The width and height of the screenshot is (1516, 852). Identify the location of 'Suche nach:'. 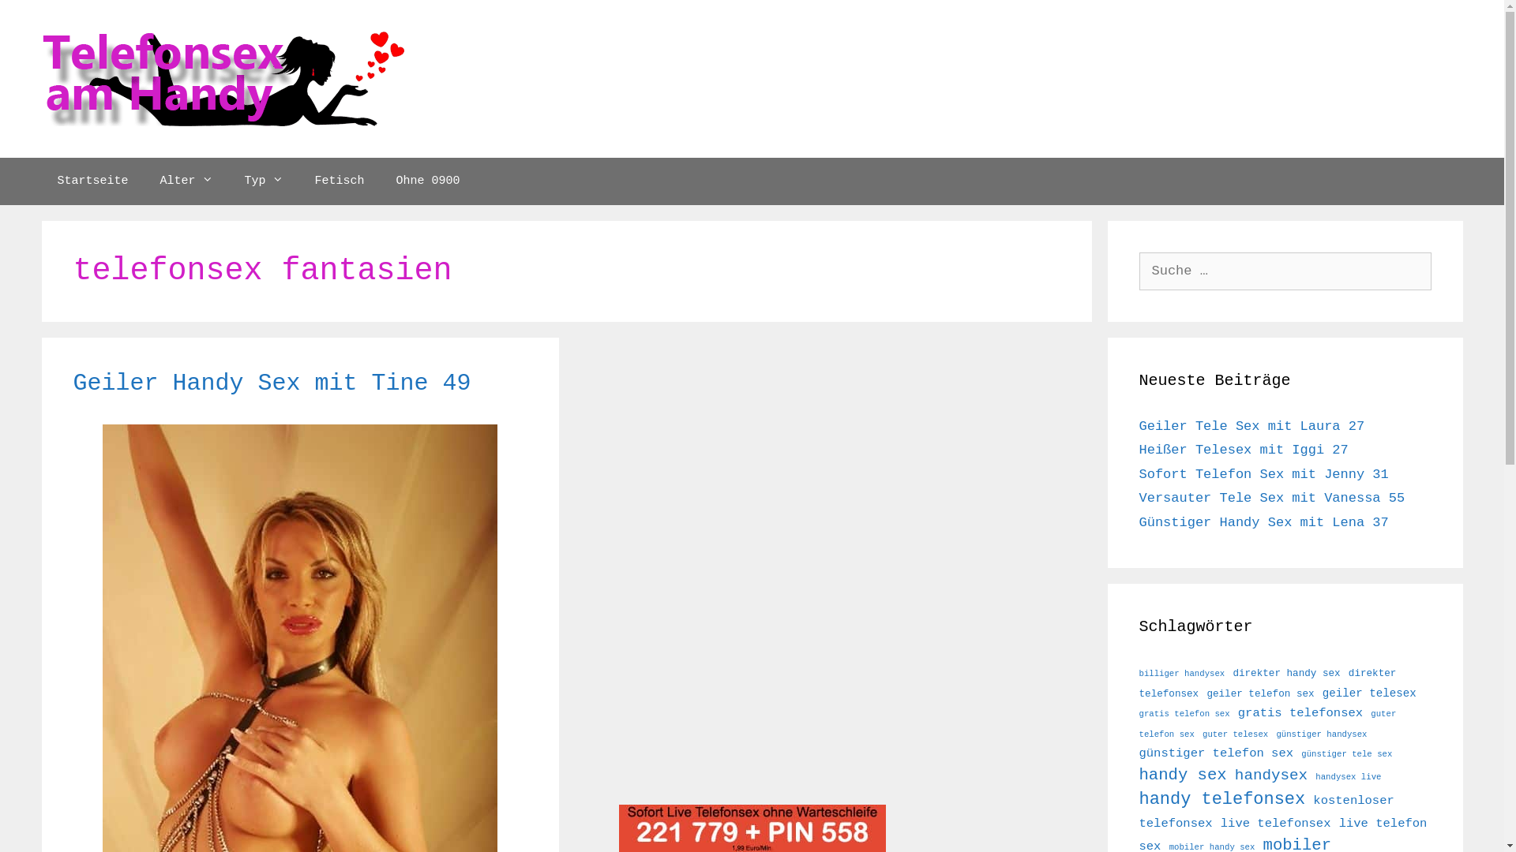
(1285, 270).